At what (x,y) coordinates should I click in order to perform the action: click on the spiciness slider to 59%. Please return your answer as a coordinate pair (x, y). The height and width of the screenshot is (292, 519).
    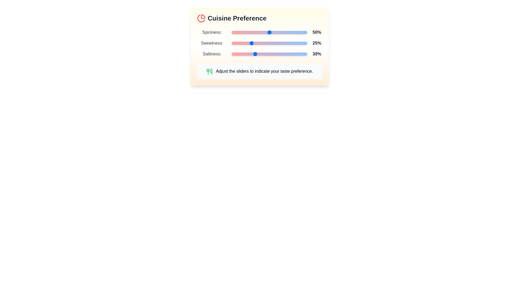
    Looking at the image, I should click on (276, 32).